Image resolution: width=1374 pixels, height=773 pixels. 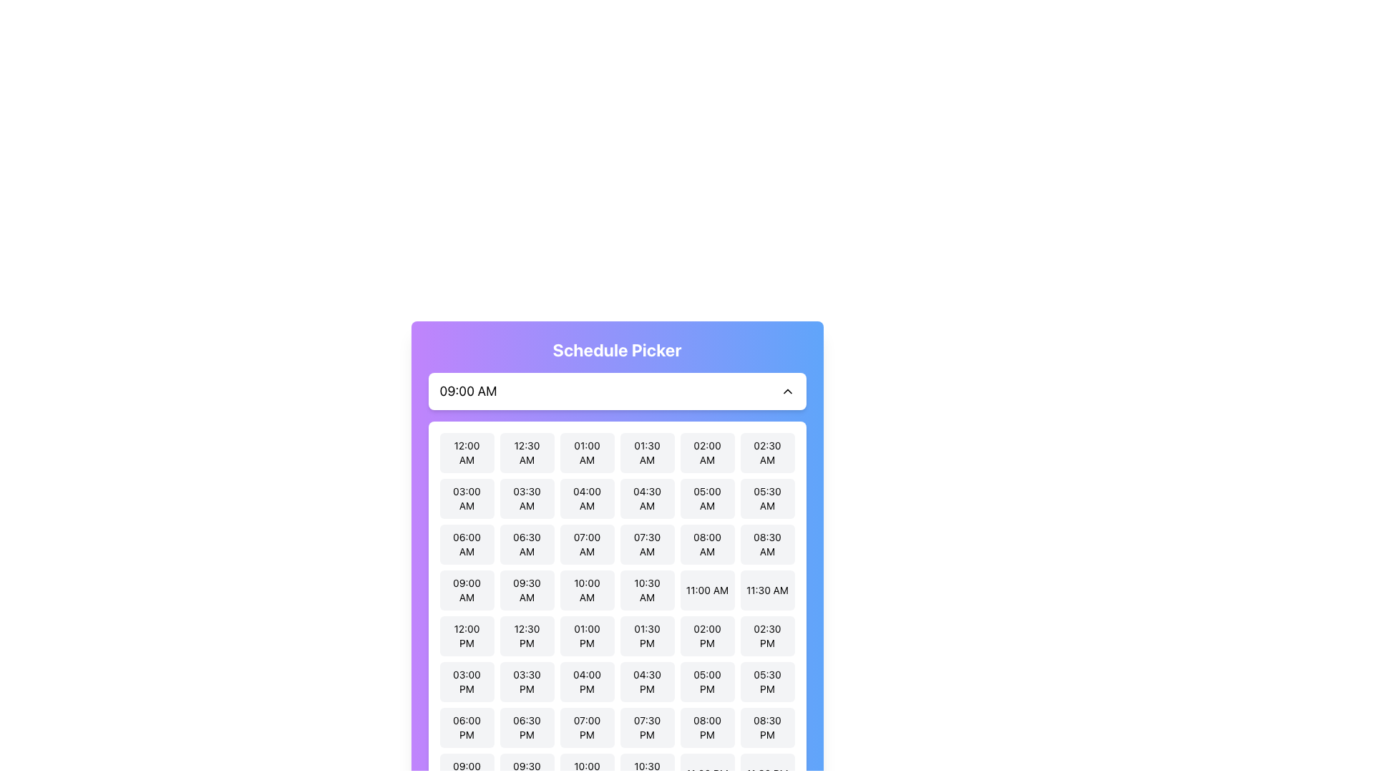 What do you see at coordinates (646, 635) in the screenshot?
I see `the time selection button for '01:30 PM' located in the fifth row and fourth column of the scheduling interface` at bounding box center [646, 635].